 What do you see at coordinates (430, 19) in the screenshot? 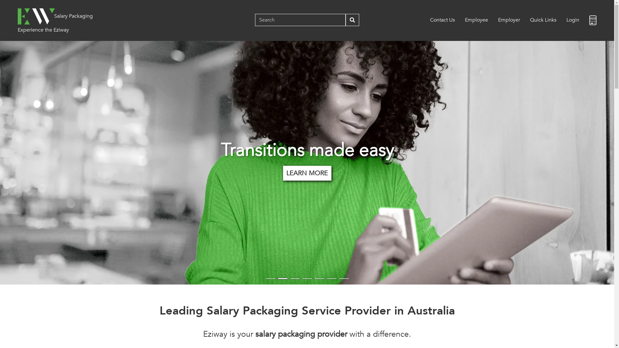
I see `'Contact Us'` at bounding box center [430, 19].